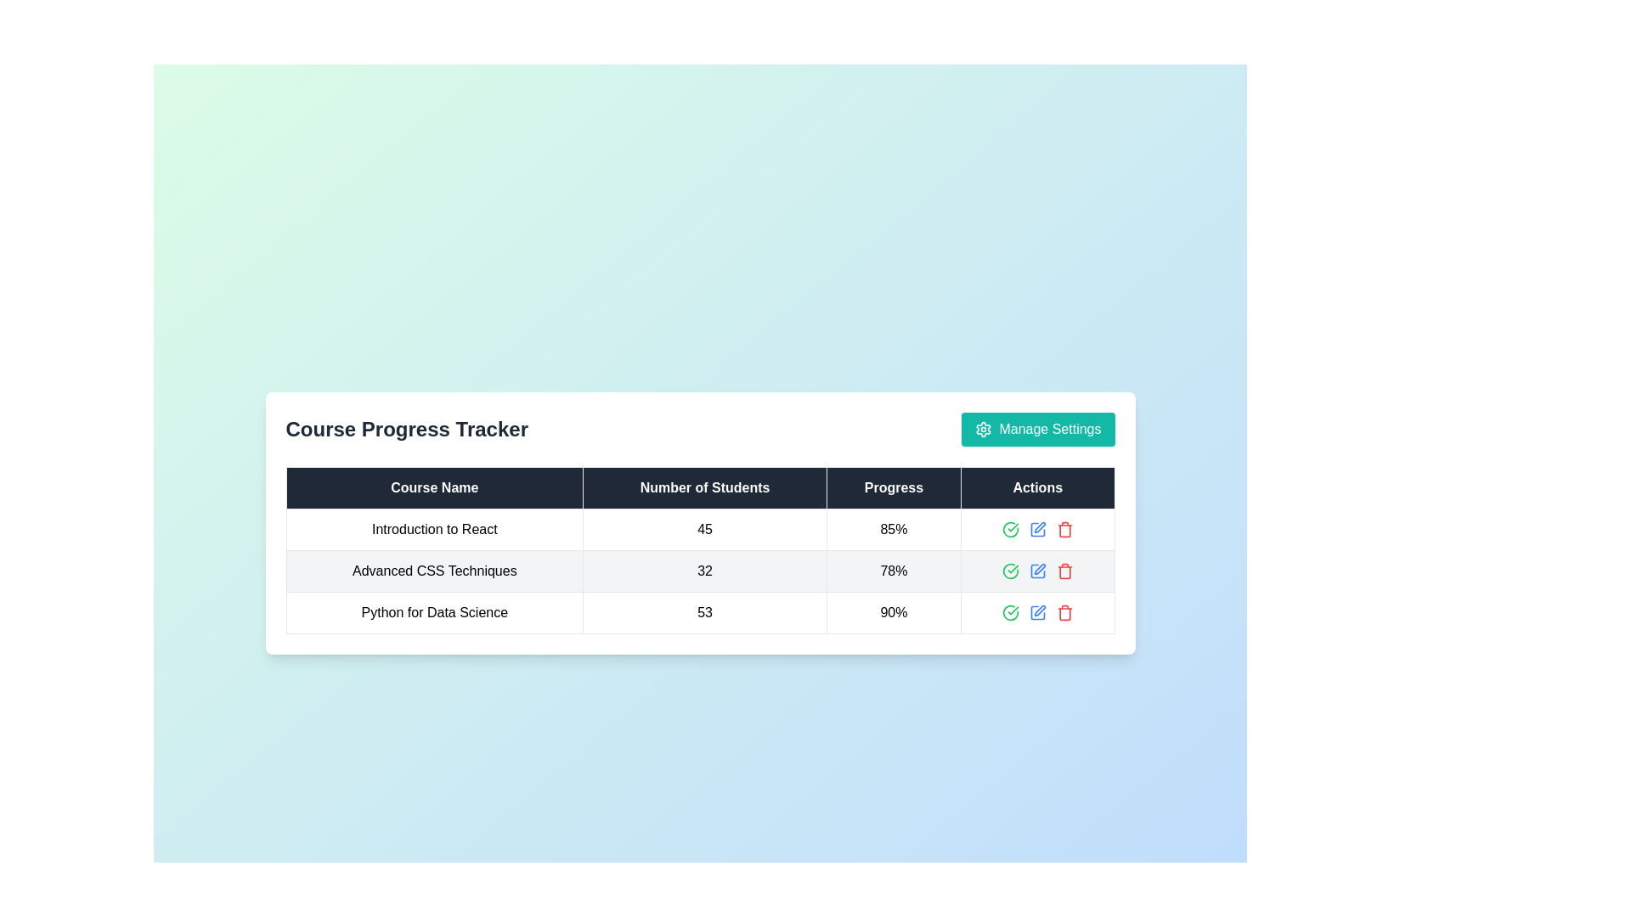 This screenshot has width=1631, height=917. I want to click on the edit button located in the 'Actions' column of the table for the 'Introduction to React' course, so click(1036, 528).